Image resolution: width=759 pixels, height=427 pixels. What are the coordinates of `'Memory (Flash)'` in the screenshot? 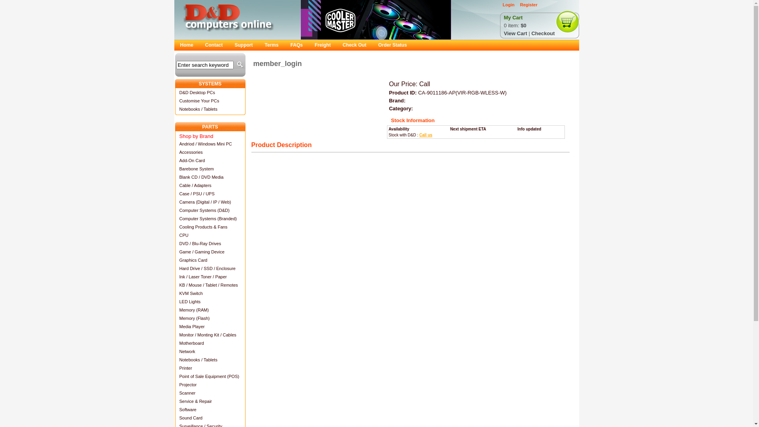 It's located at (210, 317).